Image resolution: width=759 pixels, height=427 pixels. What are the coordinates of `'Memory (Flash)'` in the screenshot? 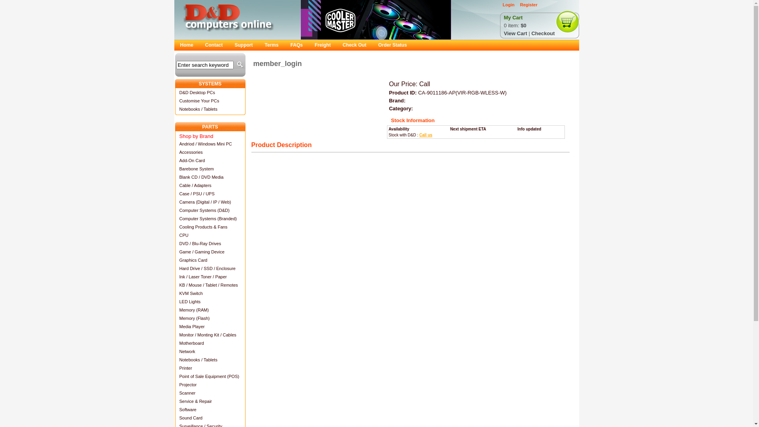 It's located at (210, 317).